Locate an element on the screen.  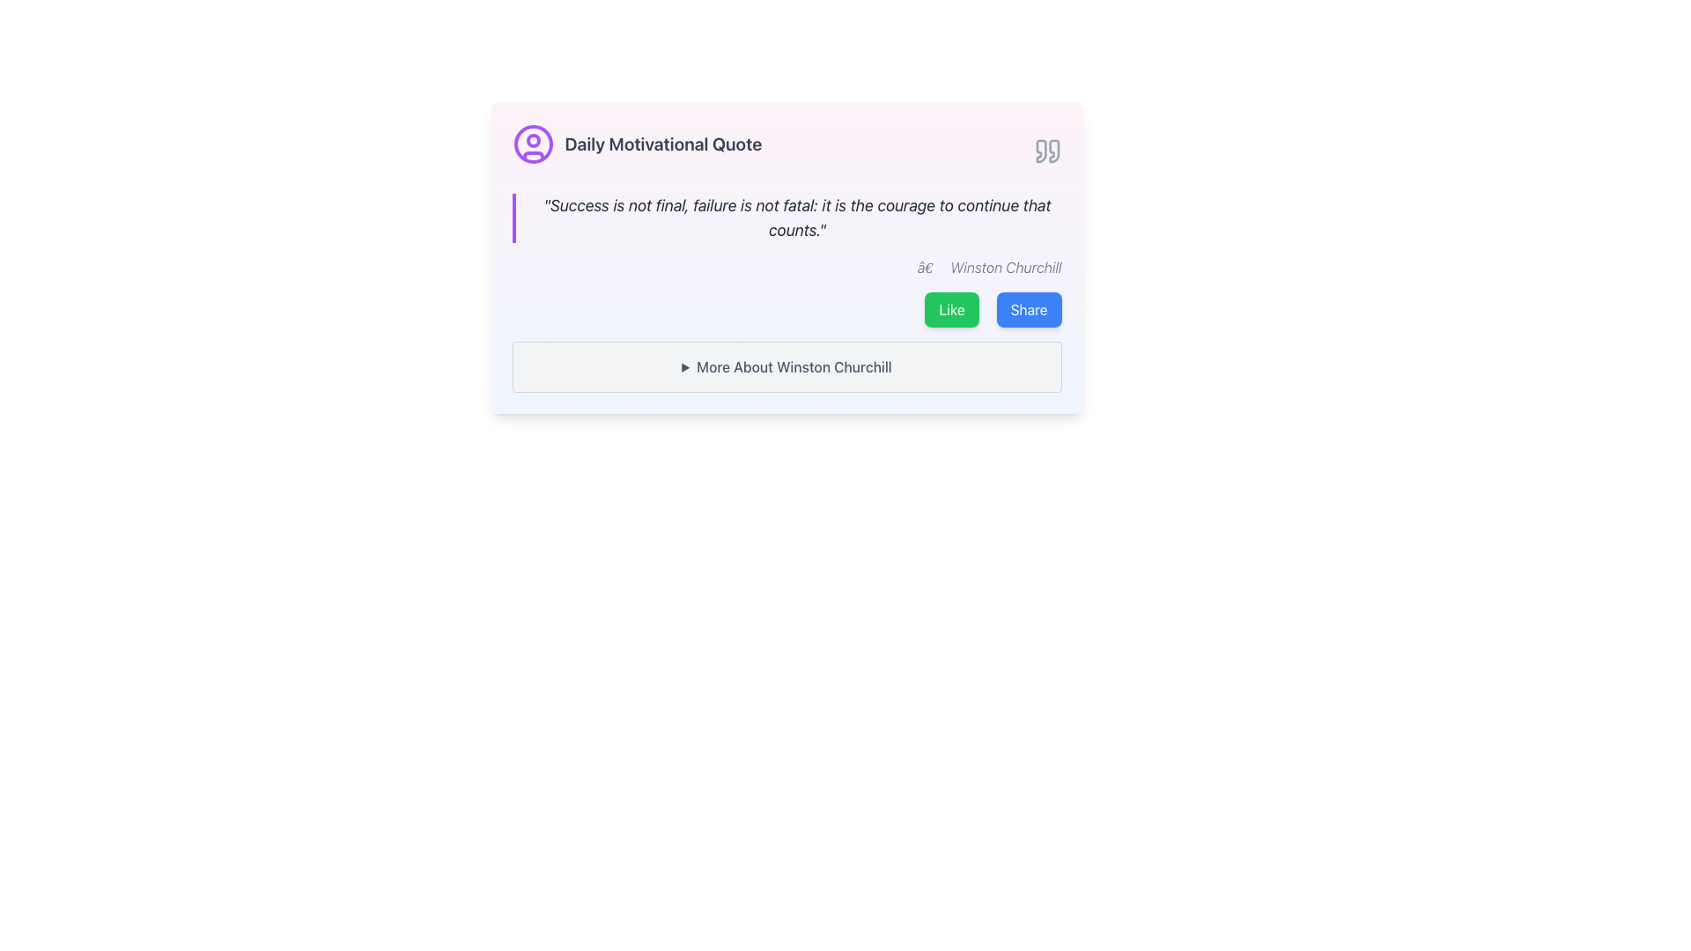
the small circular SVG element, which is filled with purple color and positioned slightly above the center of the user profile icon is located at coordinates (532, 139).